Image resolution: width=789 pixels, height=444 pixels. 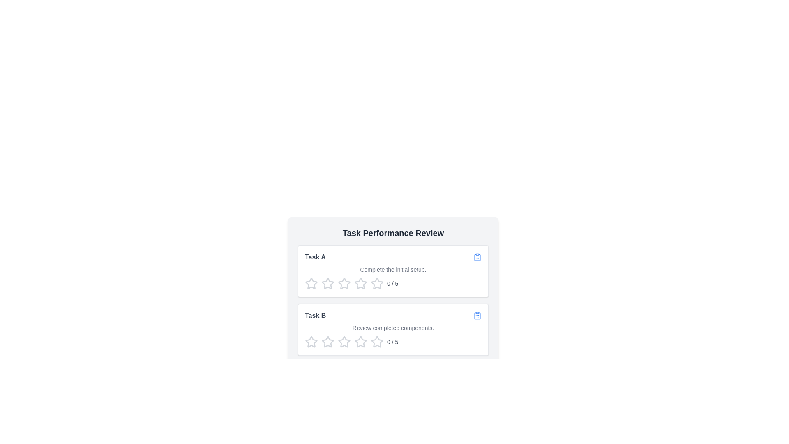 I want to click on the stars of the second task item titled 'Task B' to assign a rating, so click(x=392, y=329).